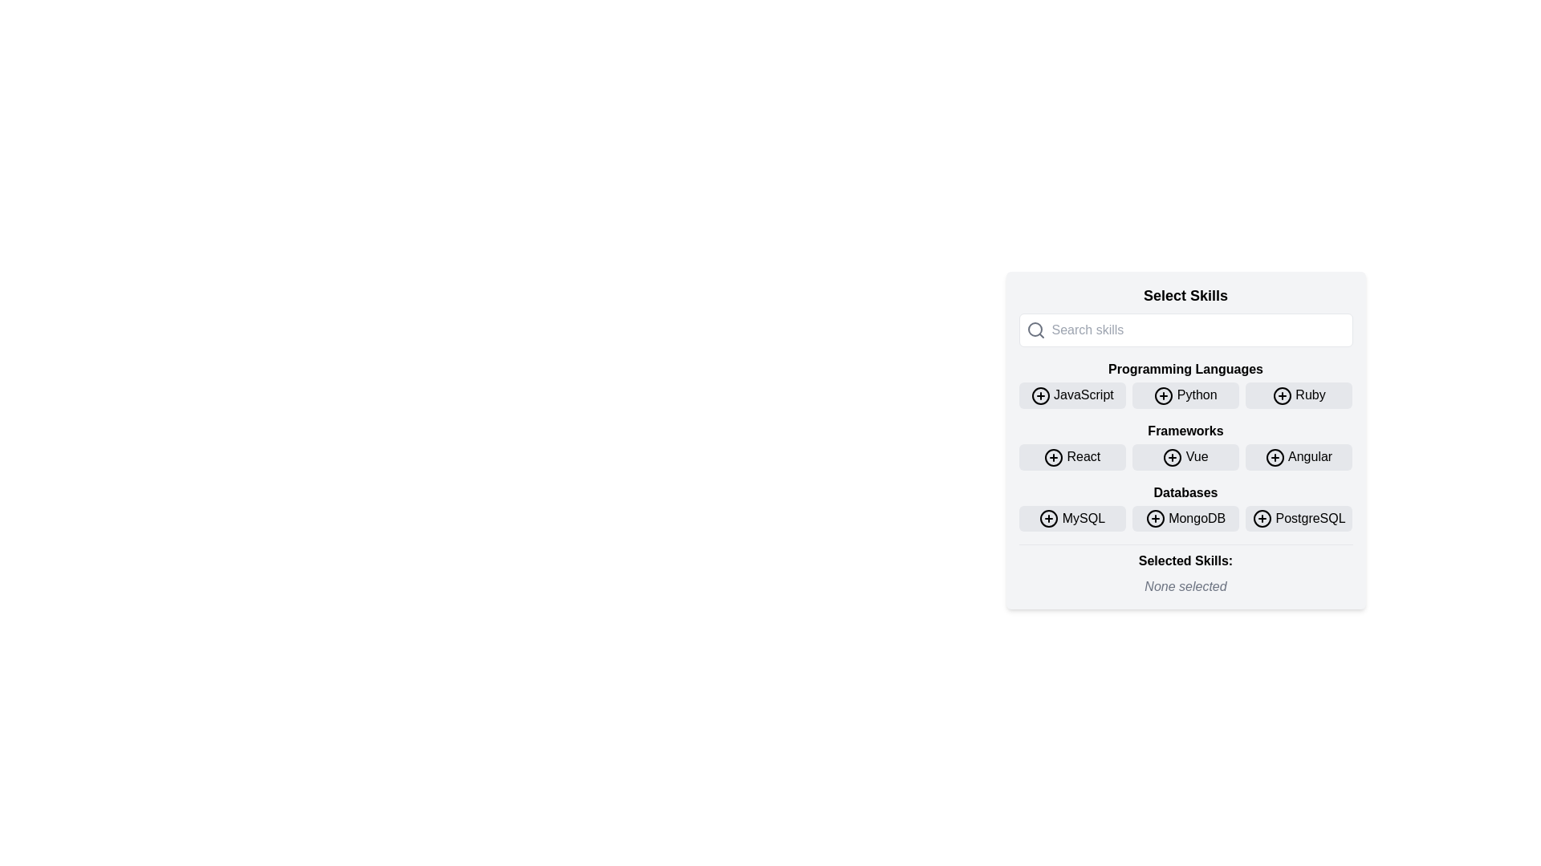  I want to click on the circular UI Icon with a plus sign at its center, which is centrally positioned under the 'React' option in the 'Frameworks' category, so click(1054, 457).